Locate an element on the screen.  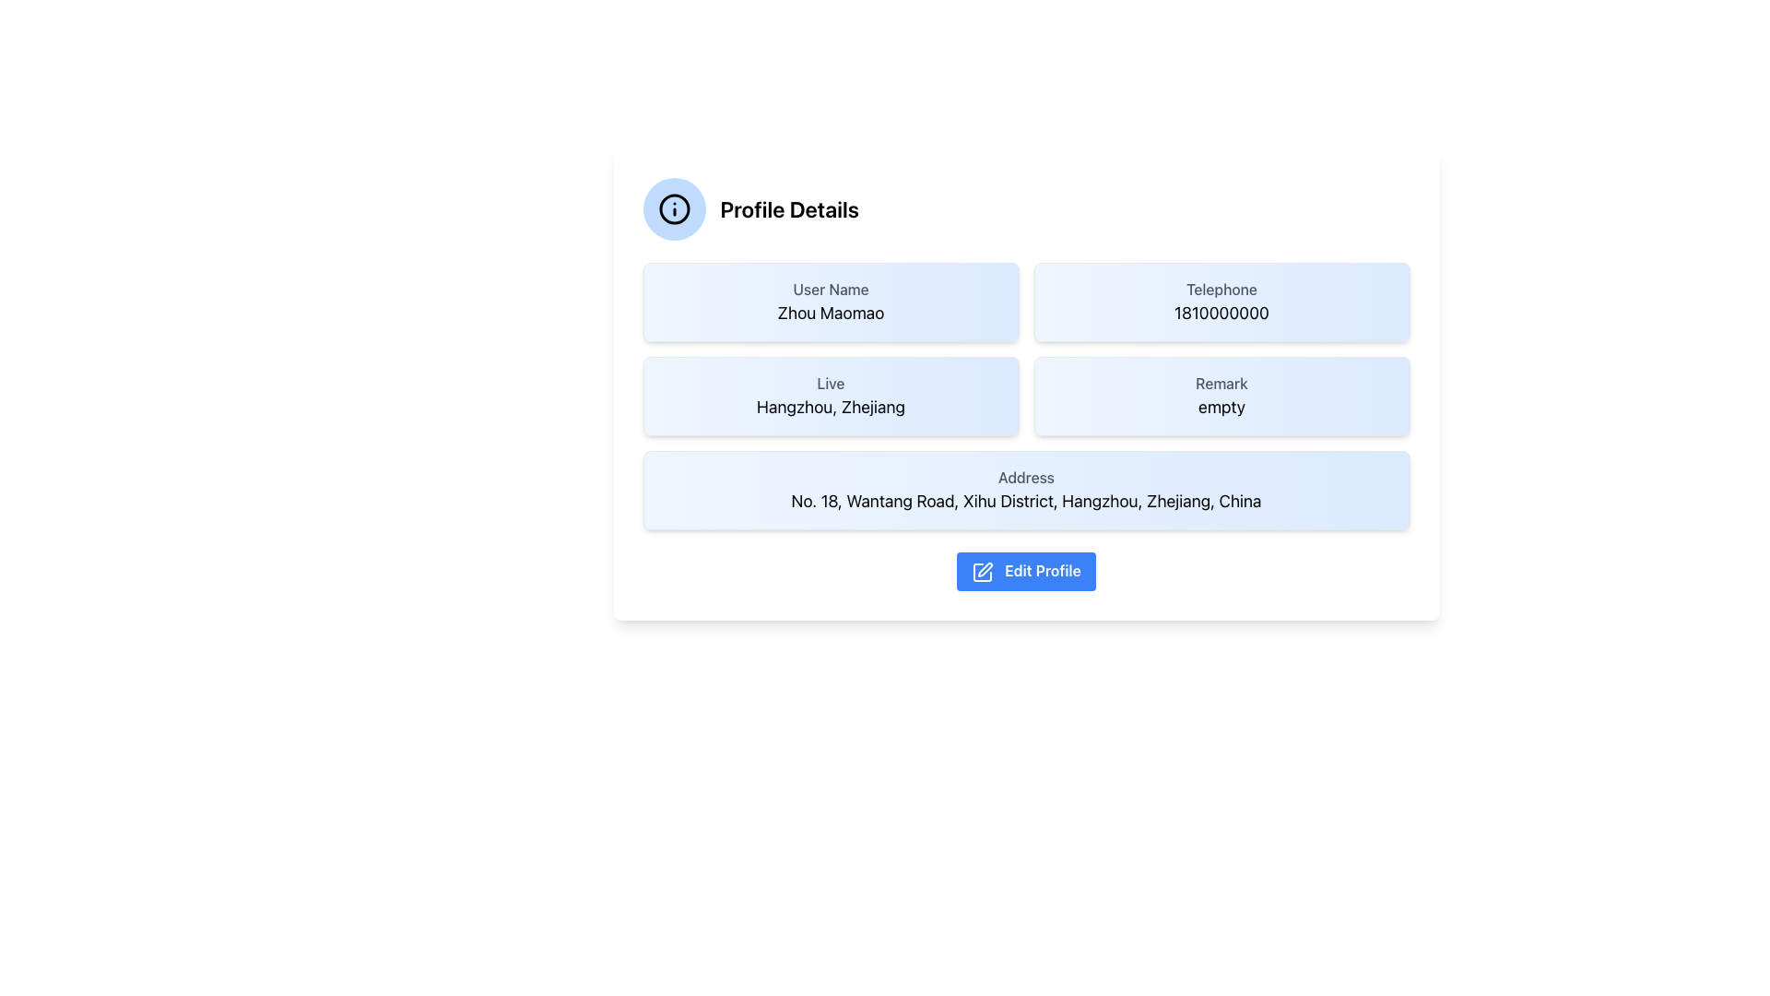
the text display element that shows the word 'empty' in large black font on a light blue background, located beneath the 'Remark' label is located at coordinates (1221, 407).